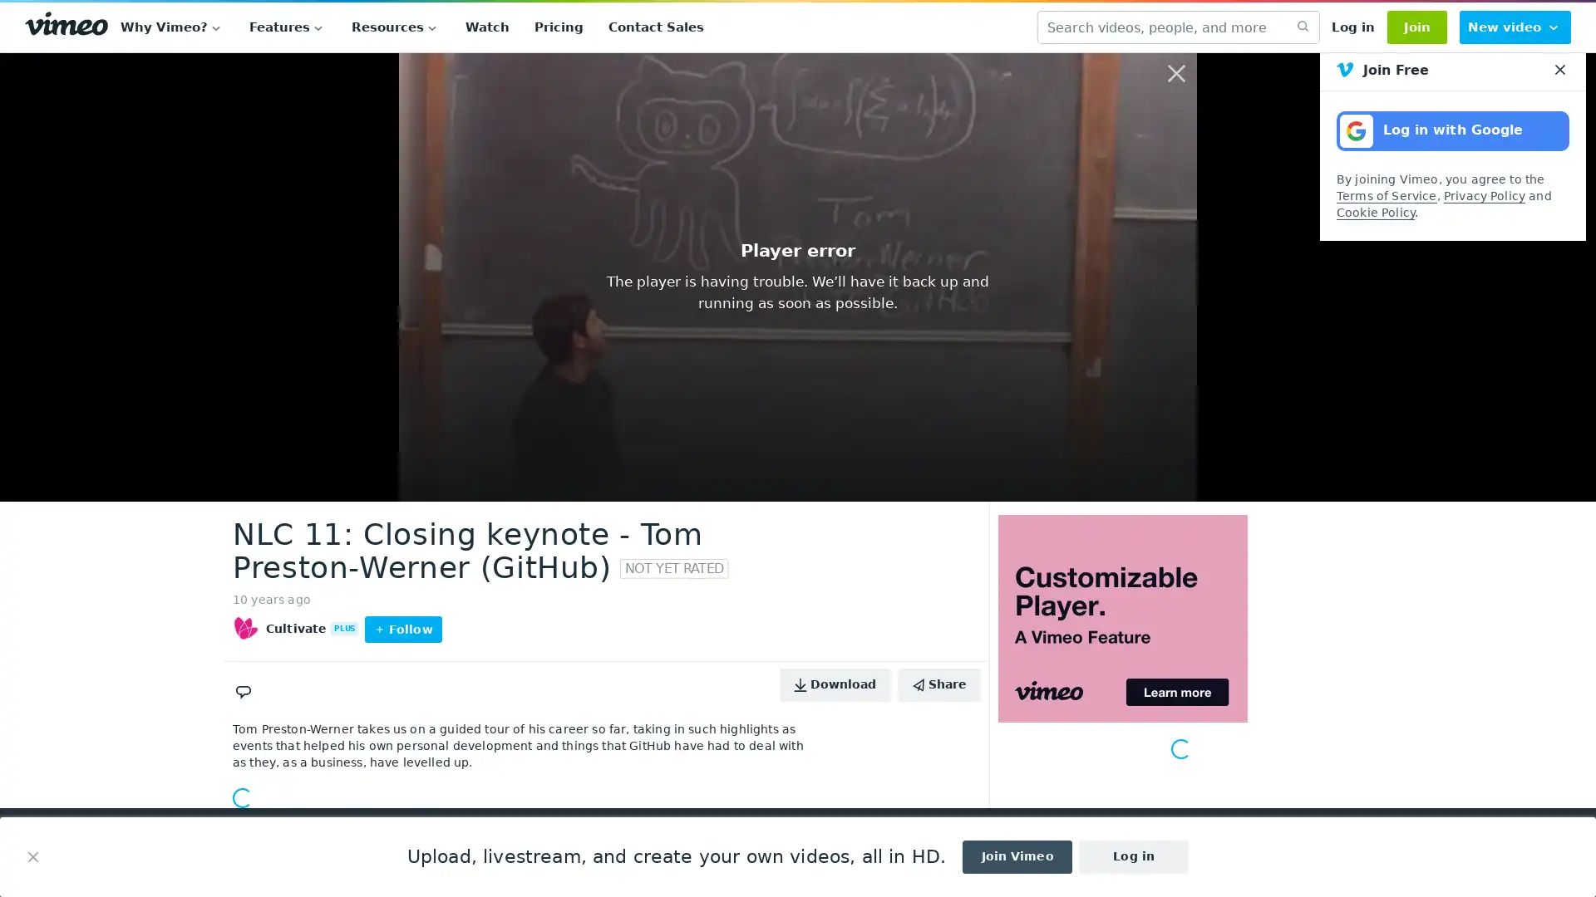  I want to click on Download, so click(834, 684).